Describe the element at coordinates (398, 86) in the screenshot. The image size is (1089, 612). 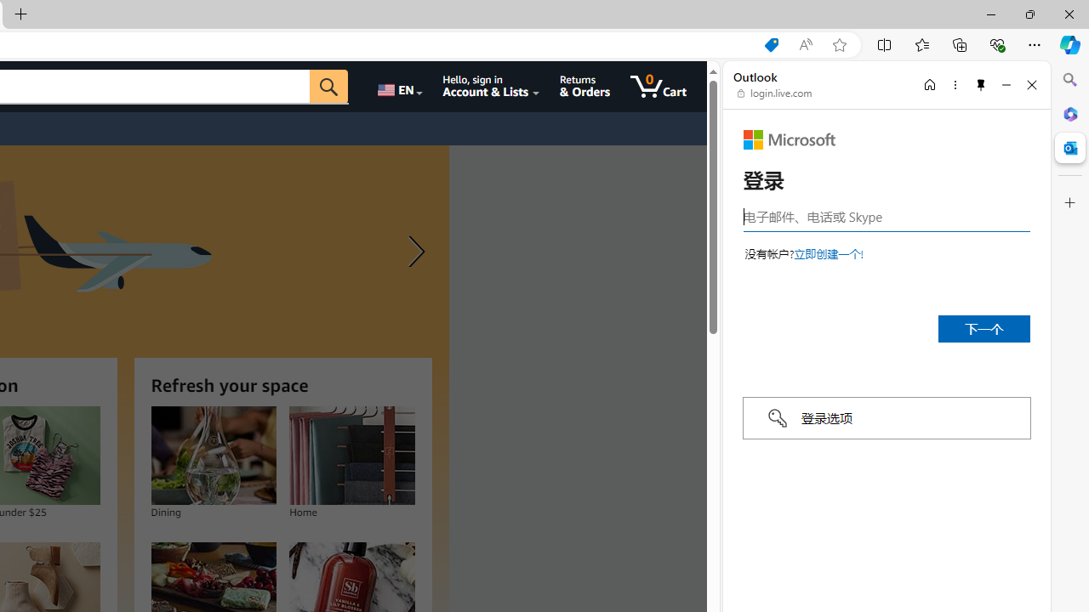
I see `'Choose a language for shopping.'` at that location.